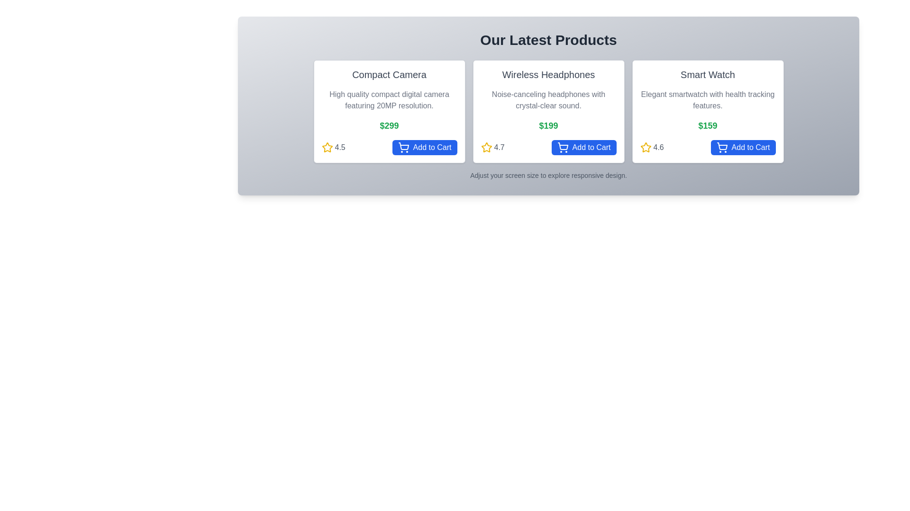 The width and height of the screenshot is (910, 511). What do you see at coordinates (389, 148) in the screenshot?
I see `the rating and star icon of the Composite UI element located at the bottom of the 'Compact Camera' product card, which is the leftmost card in a layout of three product cards` at bounding box center [389, 148].